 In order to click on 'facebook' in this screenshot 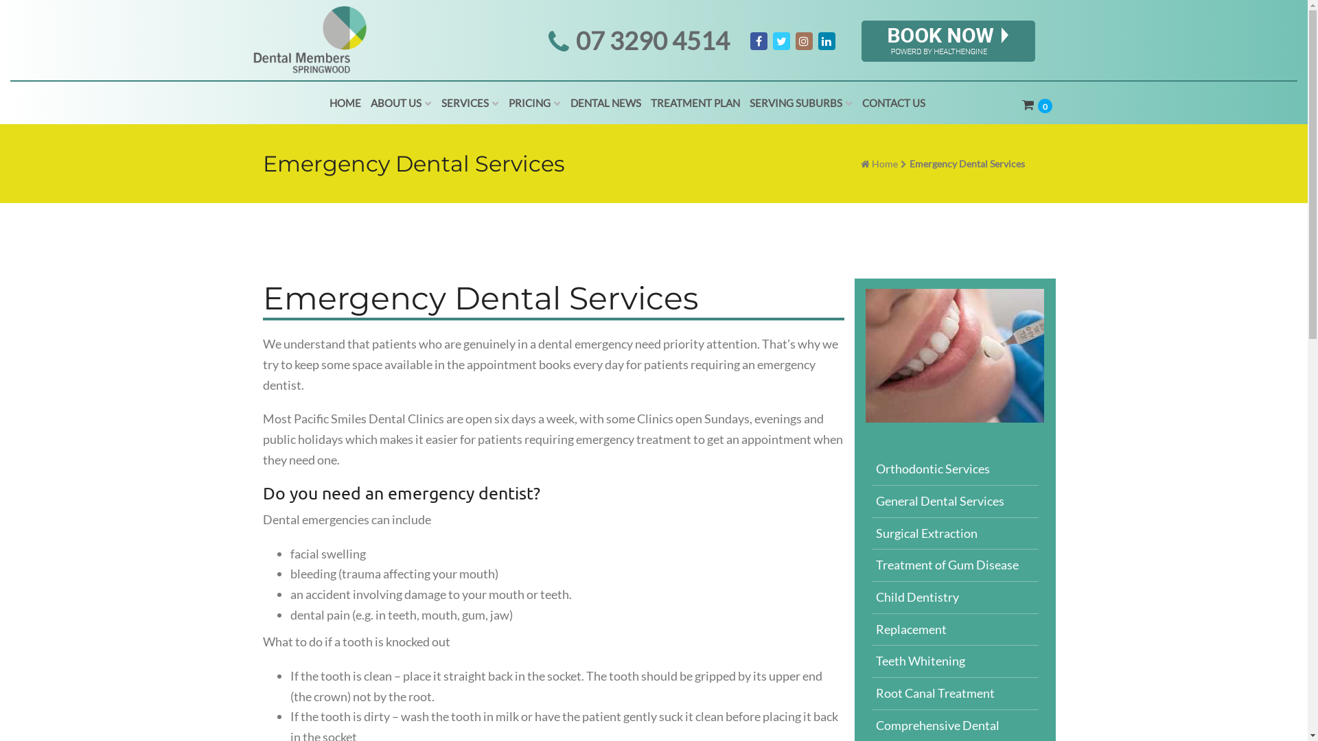, I will do `click(757, 40)`.